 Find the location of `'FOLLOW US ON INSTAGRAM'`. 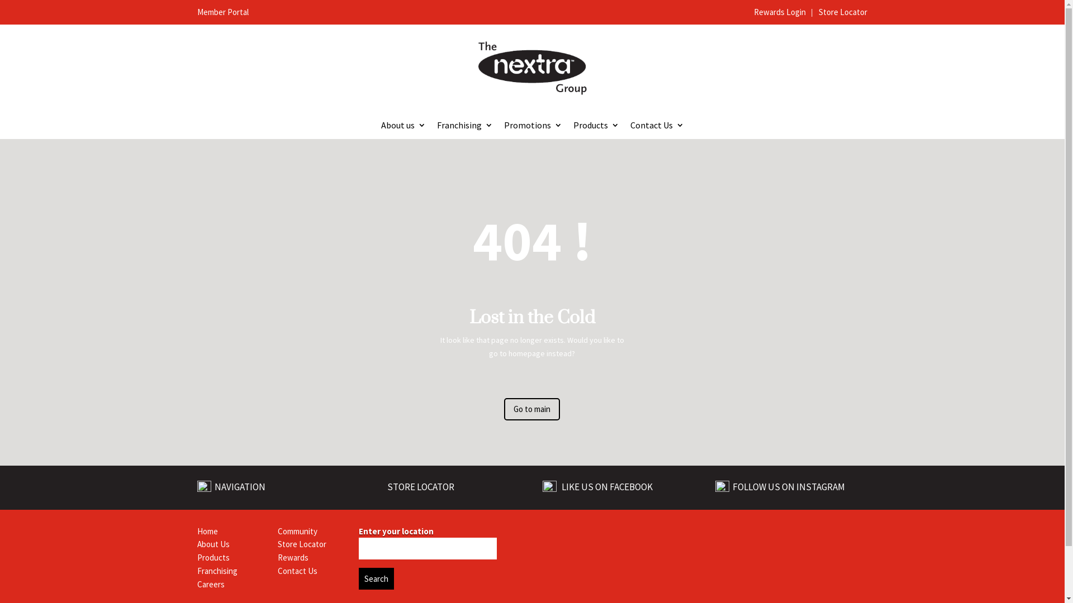

'FOLLOW US ON INSTAGRAM' is located at coordinates (731, 486).